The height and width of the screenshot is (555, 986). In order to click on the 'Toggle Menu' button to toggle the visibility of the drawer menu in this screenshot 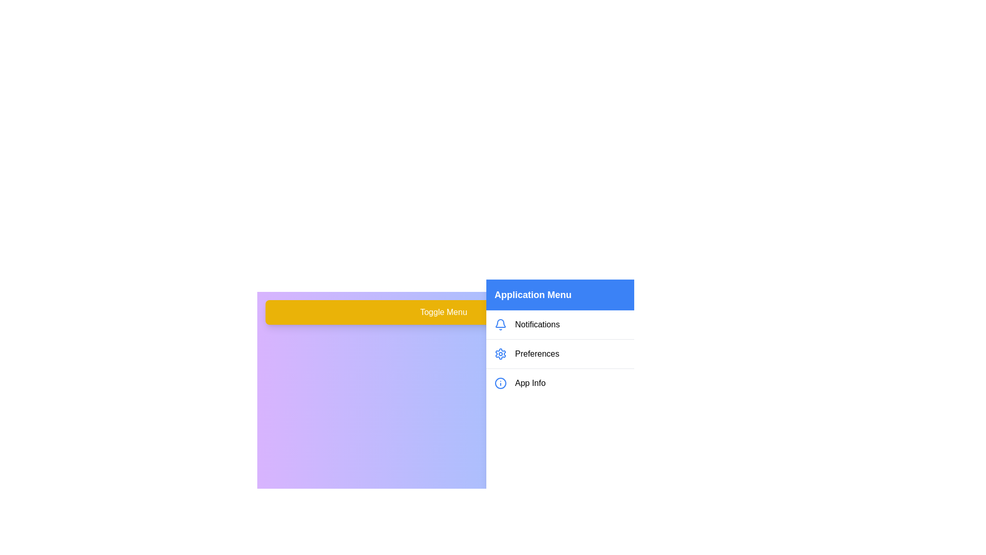, I will do `click(444, 312)`.